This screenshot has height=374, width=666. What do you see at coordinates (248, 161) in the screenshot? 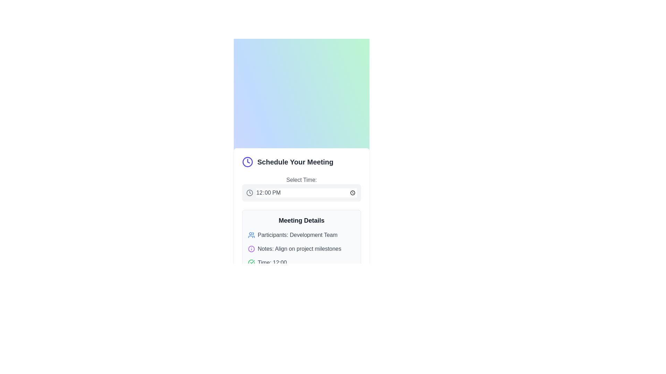
I see `the triangular SVG component that represents the clock hands within the clock icon, located in the top-left corner of the 'Schedule Your Meeting' header` at bounding box center [248, 161].